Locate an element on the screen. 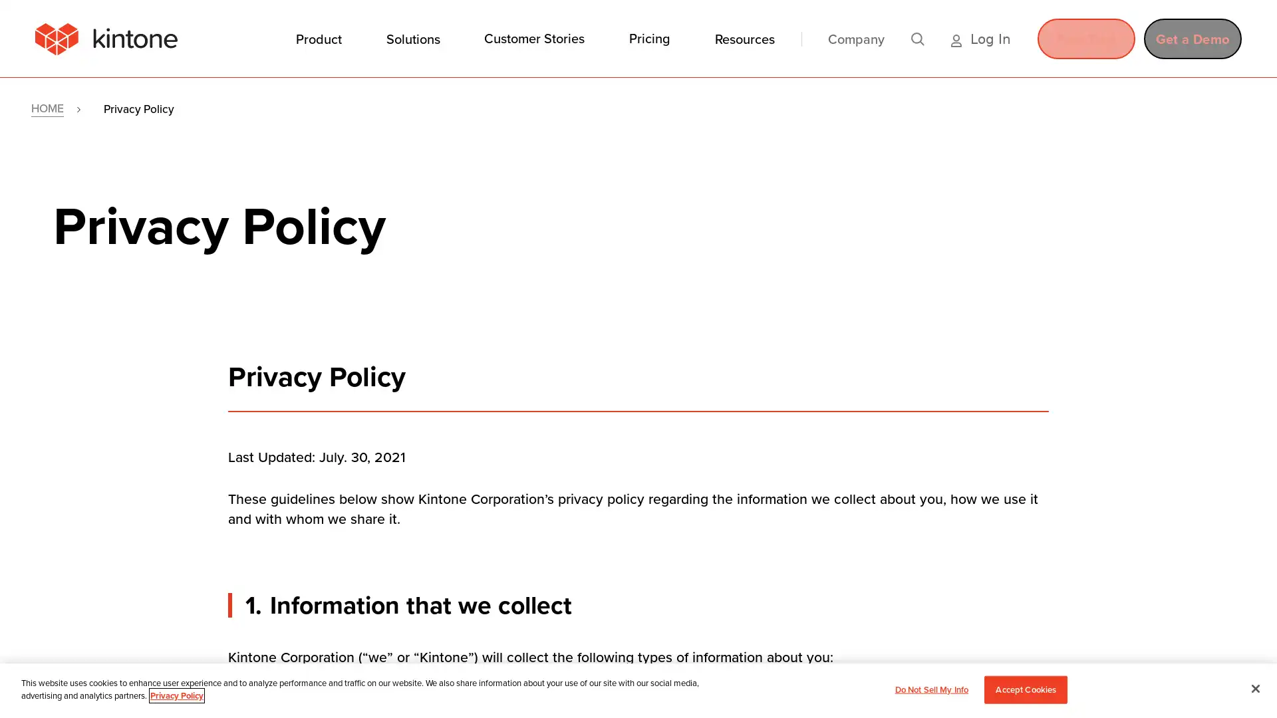  Do Not Sell My Info is located at coordinates (930, 689).